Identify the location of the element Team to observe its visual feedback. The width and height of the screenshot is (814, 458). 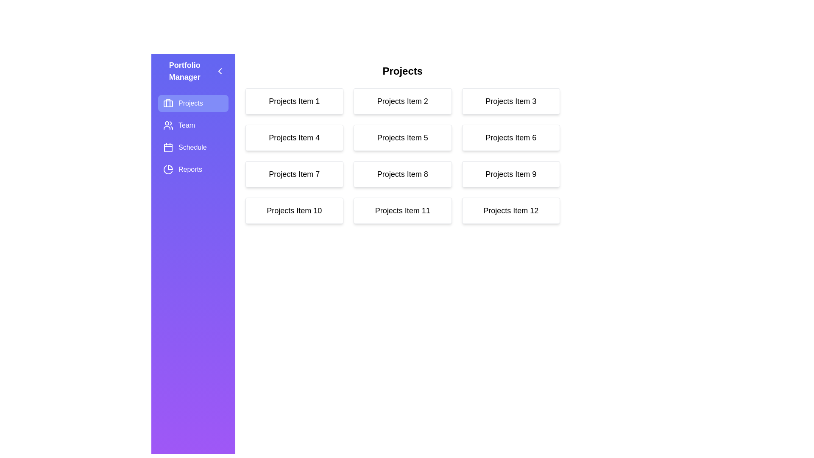
(192, 126).